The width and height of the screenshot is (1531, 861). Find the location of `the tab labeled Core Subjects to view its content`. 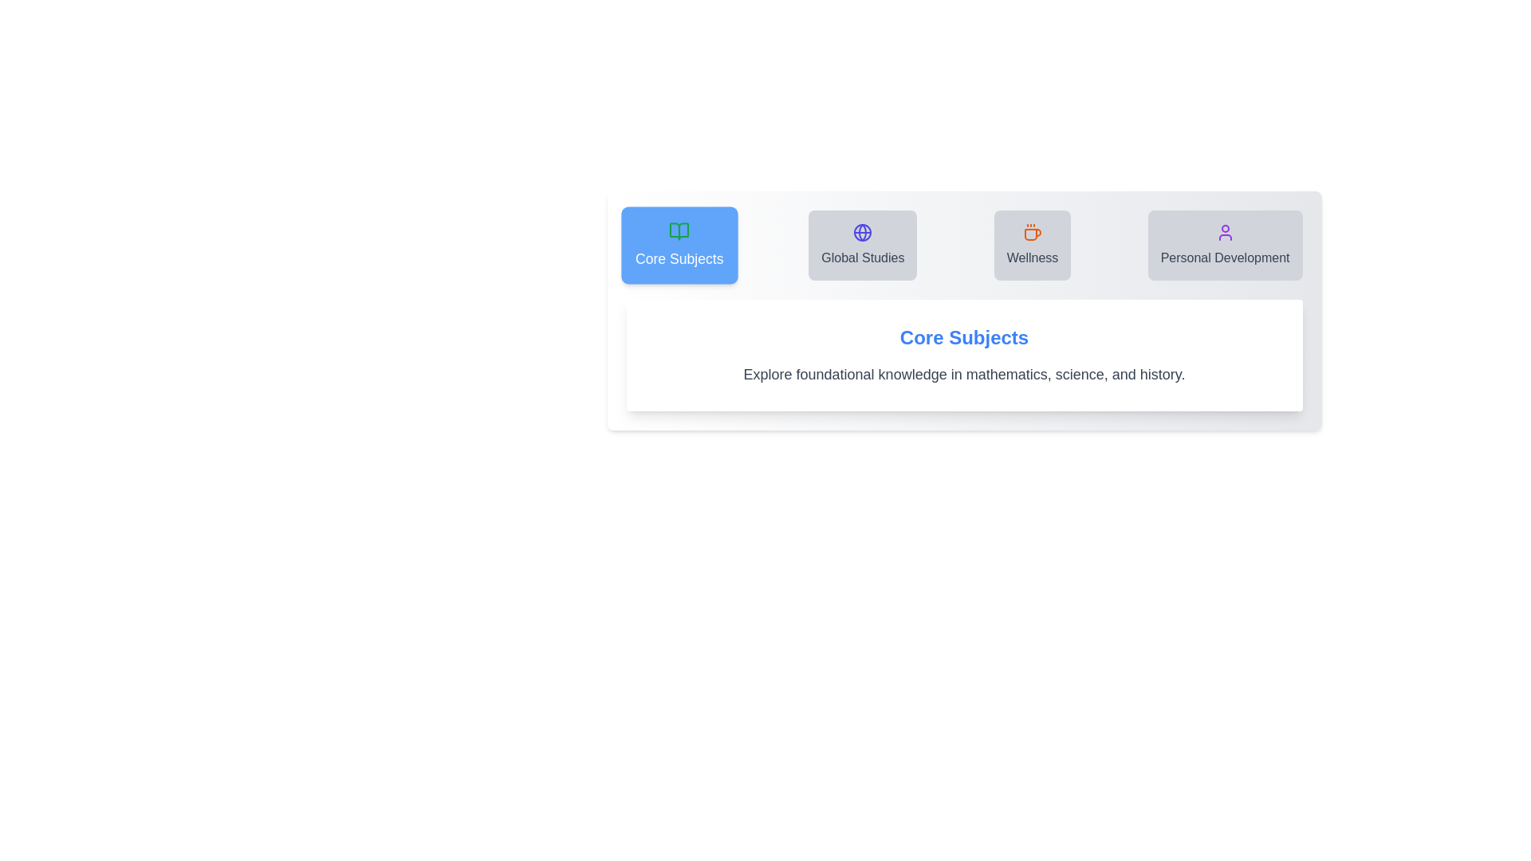

the tab labeled Core Subjects to view its content is located at coordinates (679, 246).